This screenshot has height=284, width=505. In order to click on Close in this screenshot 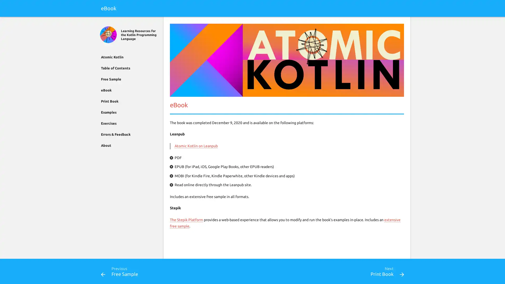, I will do `click(103, 23)`.